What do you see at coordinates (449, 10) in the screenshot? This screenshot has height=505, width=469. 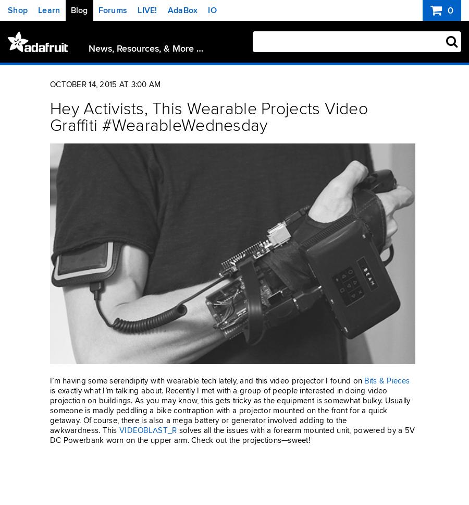 I see `'0'` at bounding box center [449, 10].